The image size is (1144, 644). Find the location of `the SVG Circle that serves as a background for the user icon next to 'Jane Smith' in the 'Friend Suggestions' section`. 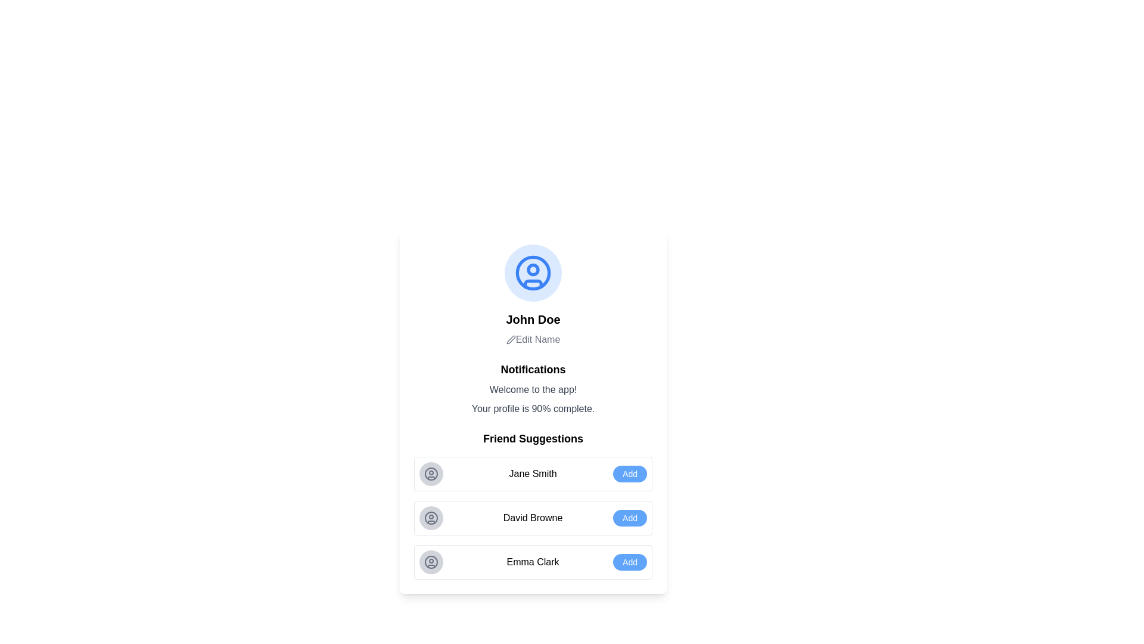

the SVG Circle that serves as a background for the user icon next to 'Jane Smith' in the 'Friend Suggestions' section is located at coordinates (431, 473).